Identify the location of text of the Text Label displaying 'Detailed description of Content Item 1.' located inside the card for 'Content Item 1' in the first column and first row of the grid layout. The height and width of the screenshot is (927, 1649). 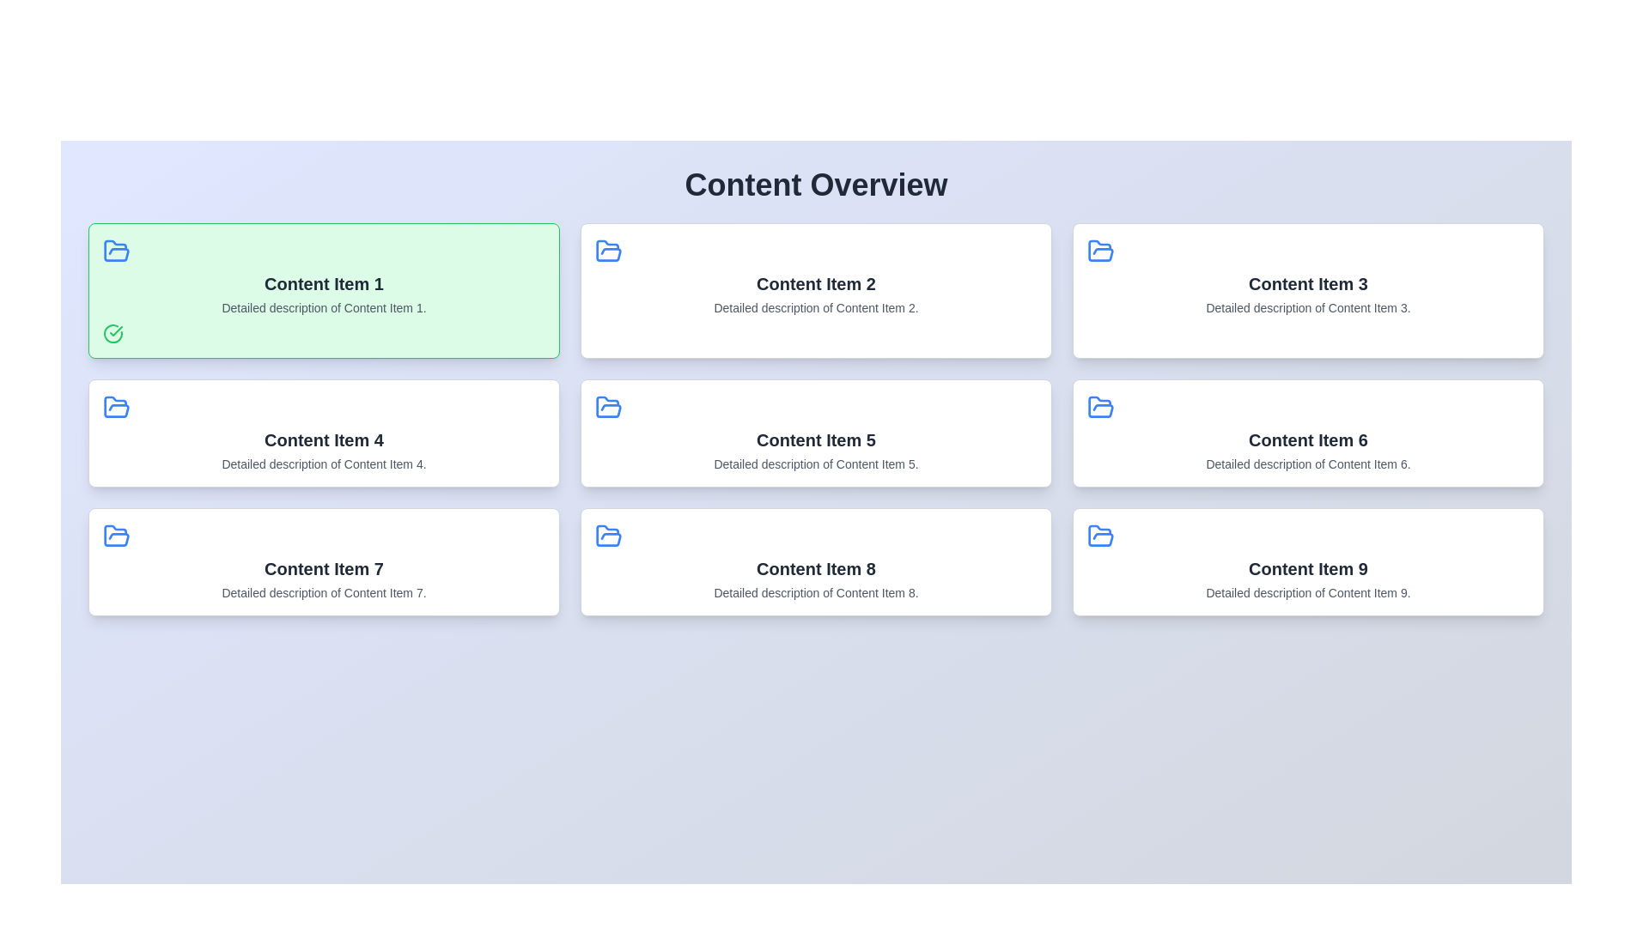
(324, 306).